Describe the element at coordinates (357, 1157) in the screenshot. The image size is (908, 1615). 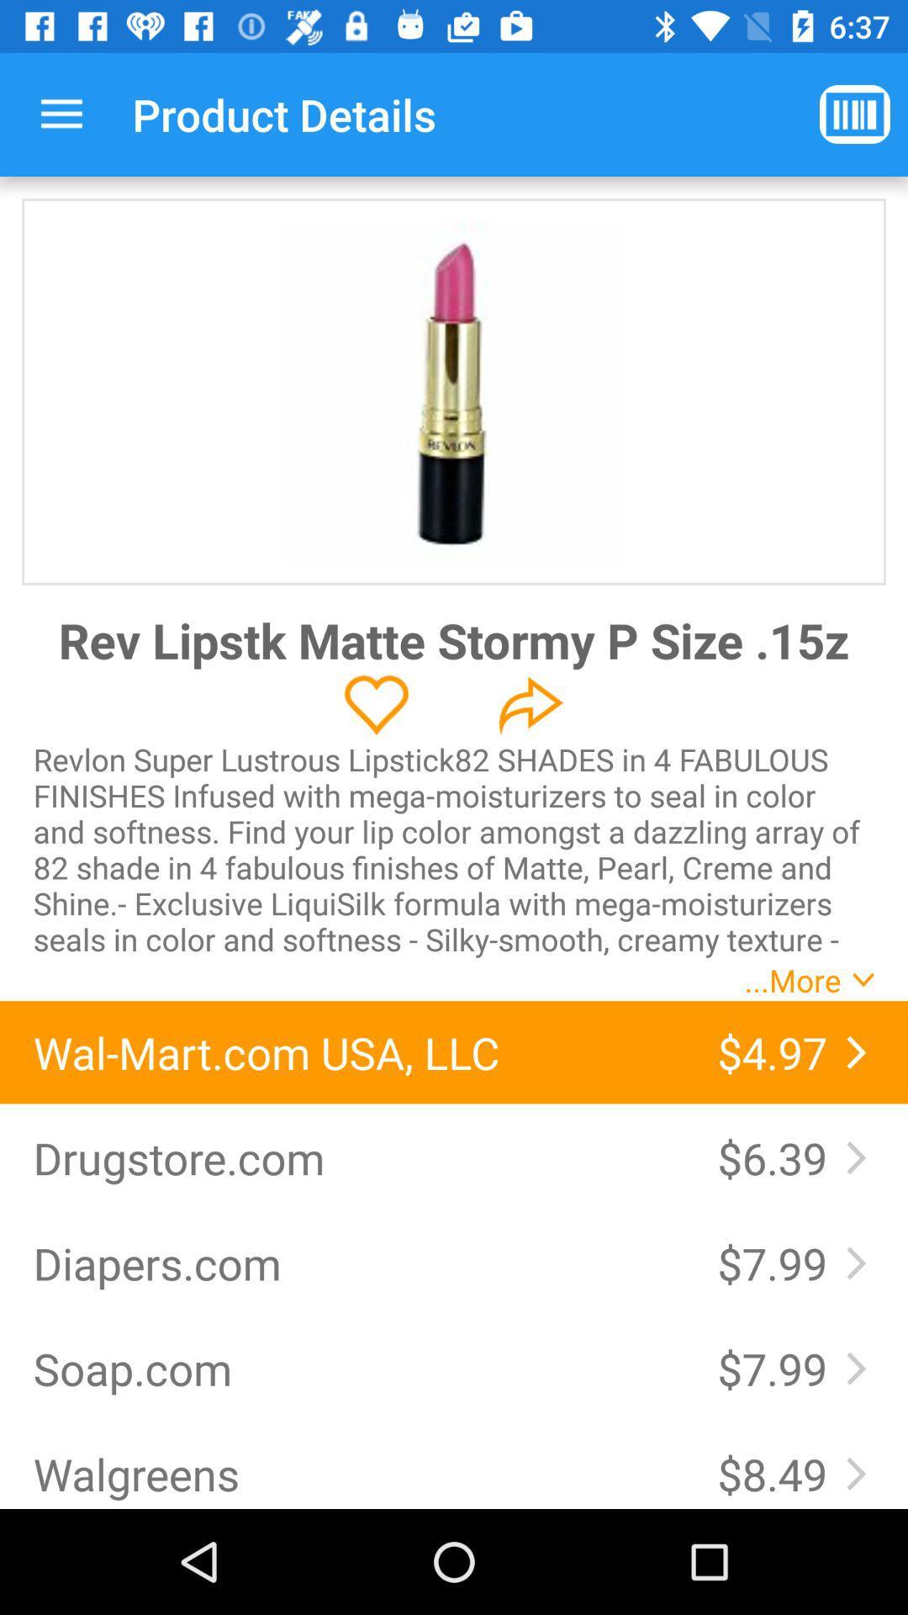
I see `the icon below the wal mart com icon` at that location.